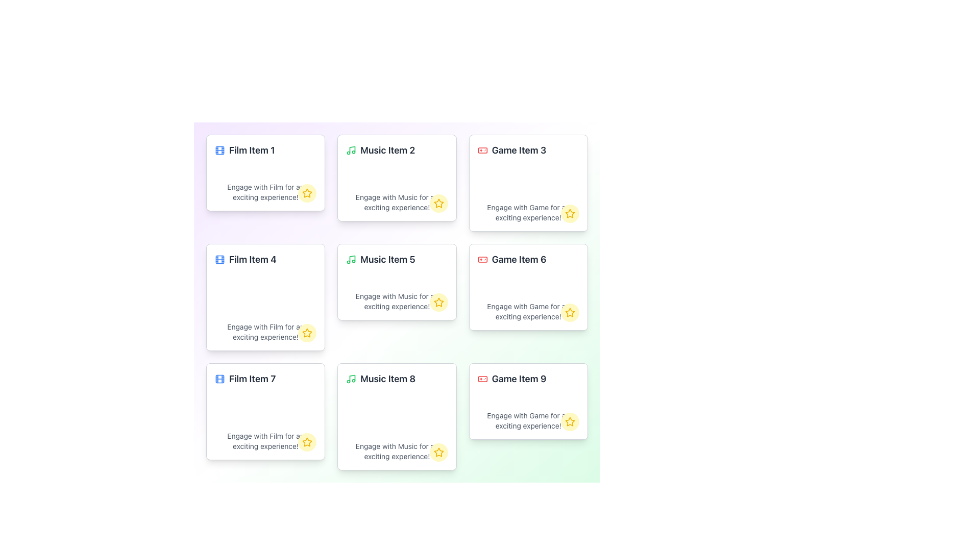 The image size is (980, 551). Describe the element at coordinates (265, 150) in the screenshot. I see `the text label paired with an icon representing a movie item in the top-left corner of the grid layout` at that location.